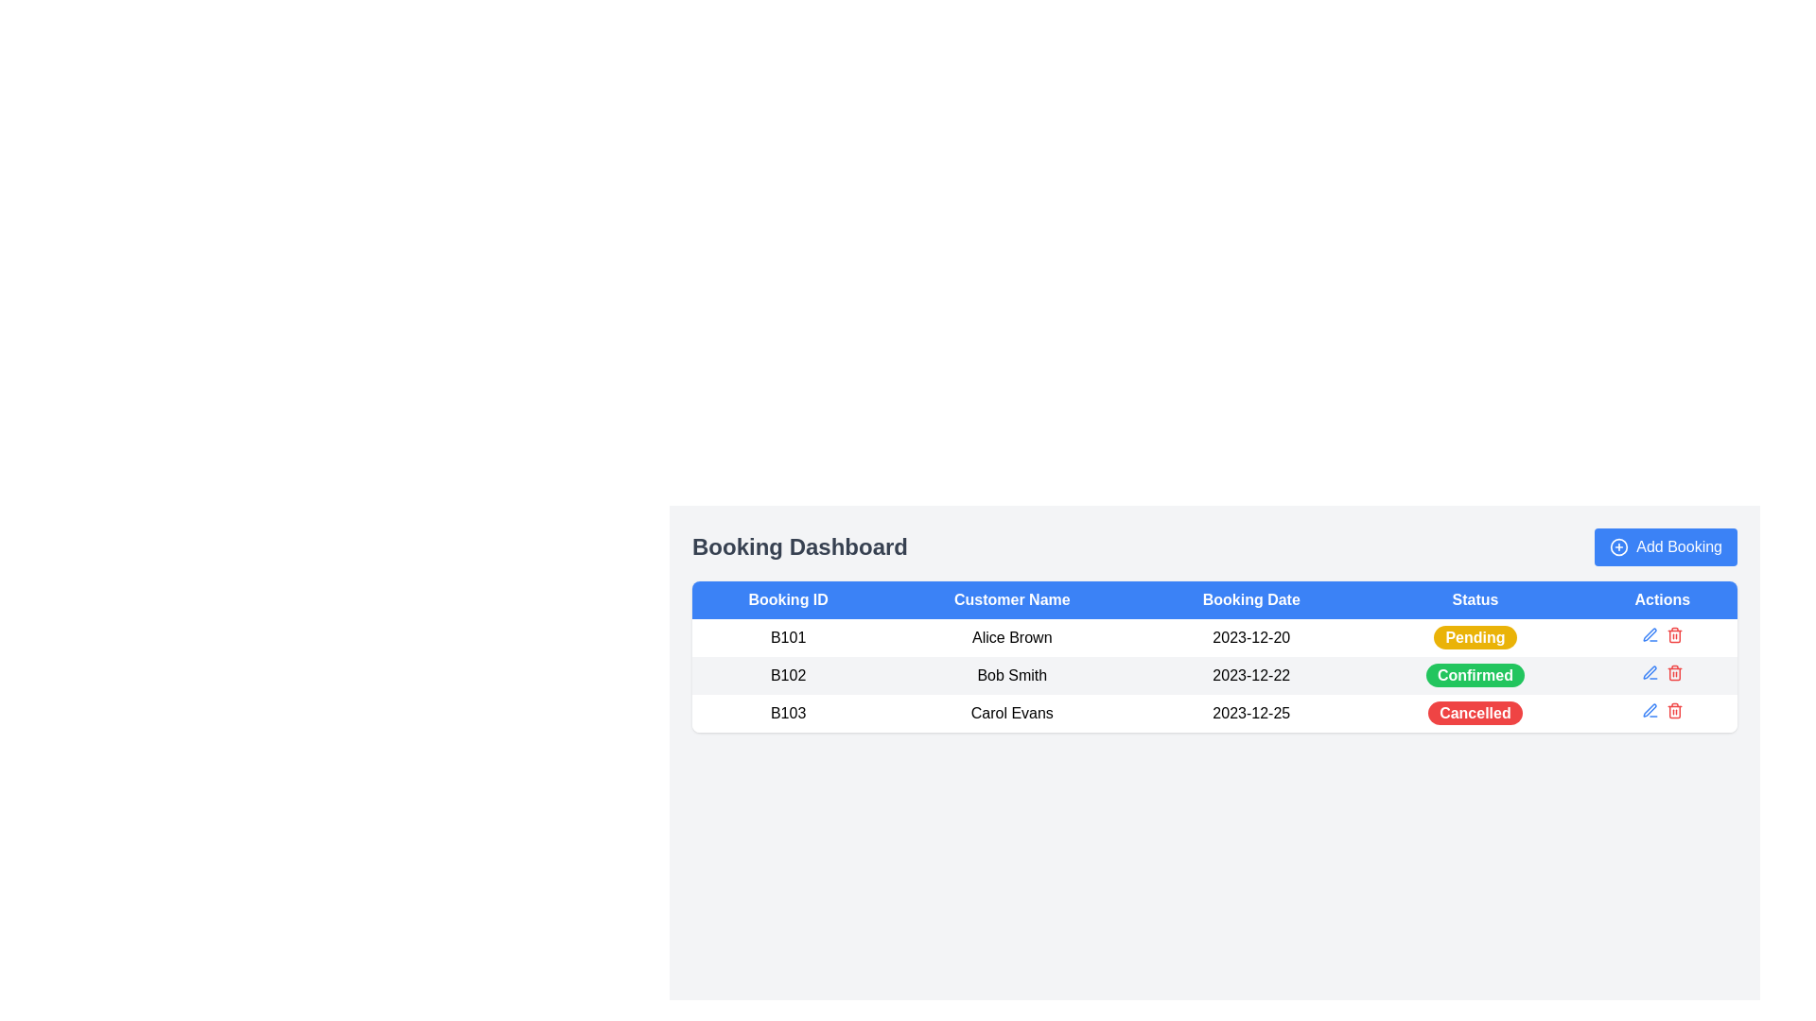 Image resolution: width=1816 pixels, height=1021 pixels. I want to click on the red-colored trash can icon in the 'Actions' column for 'Bob Smith' with a 'Confirmed' status to observe the hover effect, so click(1674, 672).